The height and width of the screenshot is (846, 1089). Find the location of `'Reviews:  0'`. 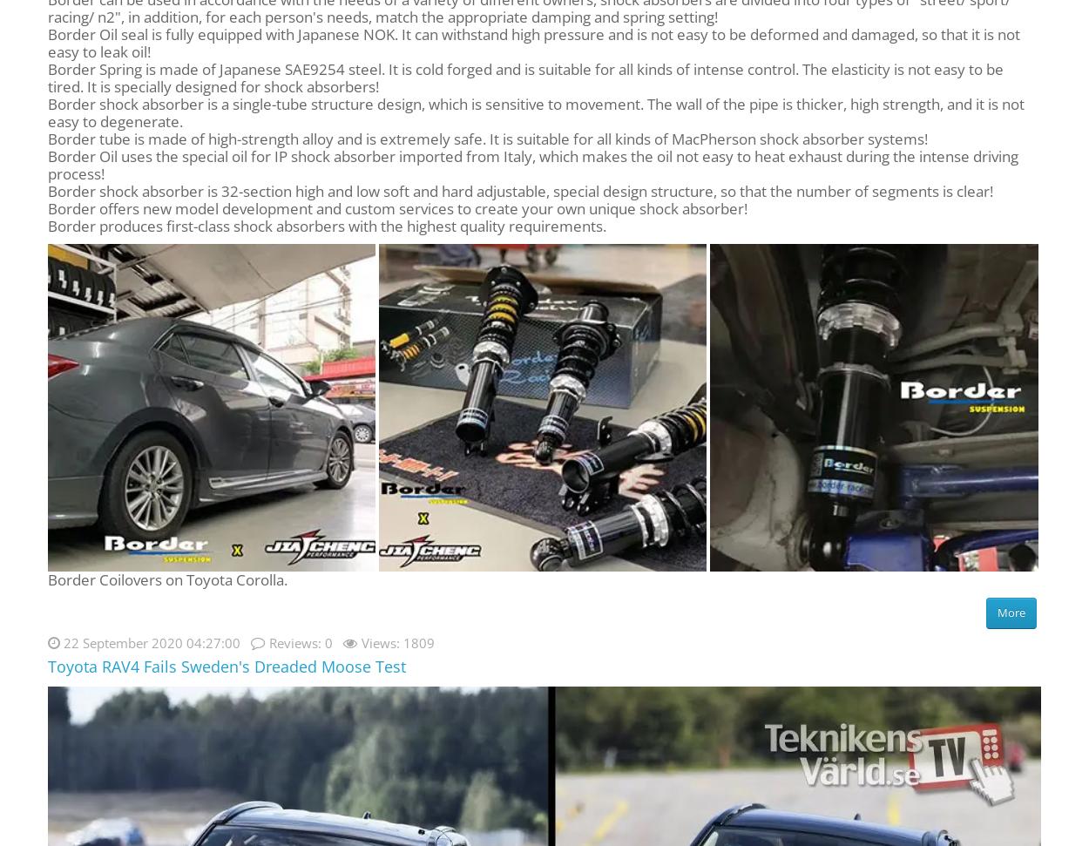

'Reviews:  0' is located at coordinates (300, 640).